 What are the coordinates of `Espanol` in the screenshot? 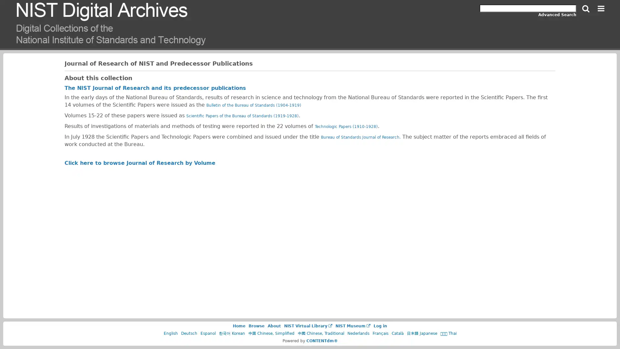 It's located at (208, 333).